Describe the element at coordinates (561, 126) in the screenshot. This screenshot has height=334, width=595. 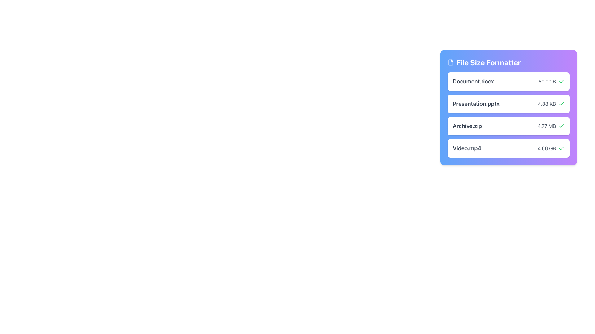
I see `the icon that indicates the successful processing of the file 'Archive.zip', located to the right of the text '4.77 MB' in the file listing` at that location.